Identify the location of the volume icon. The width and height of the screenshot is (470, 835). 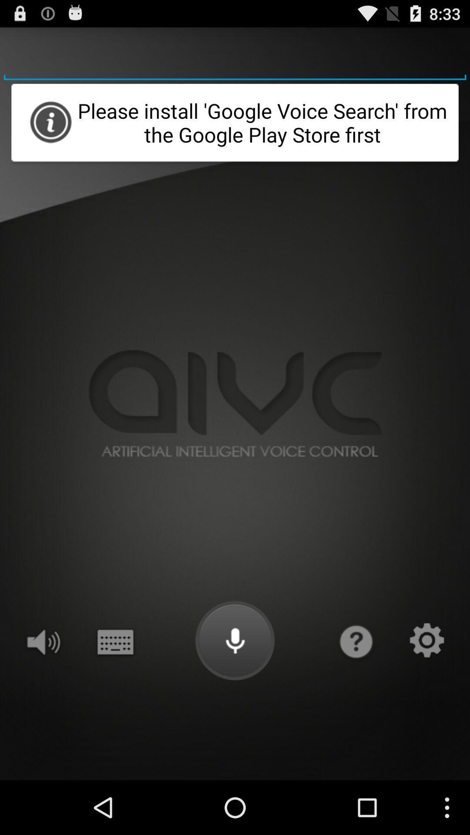
(43, 685).